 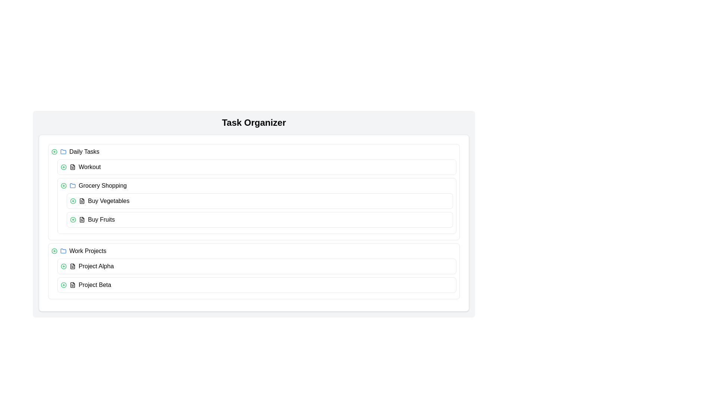 What do you see at coordinates (73, 219) in the screenshot?
I see `the Circle graphic which is part of the green 'add' button` at bounding box center [73, 219].